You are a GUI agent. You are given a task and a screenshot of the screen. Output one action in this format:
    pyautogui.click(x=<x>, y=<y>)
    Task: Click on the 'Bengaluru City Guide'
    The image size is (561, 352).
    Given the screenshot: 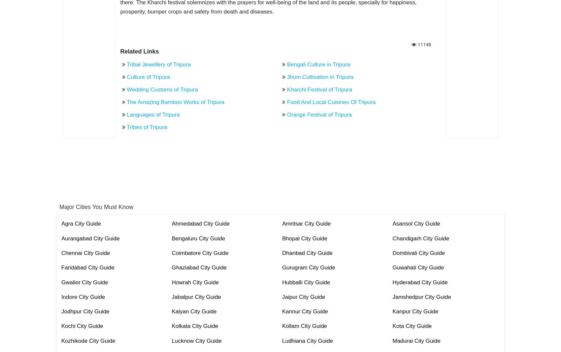 What is the action you would take?
    pyautogui.click(x=172, y=238)
    